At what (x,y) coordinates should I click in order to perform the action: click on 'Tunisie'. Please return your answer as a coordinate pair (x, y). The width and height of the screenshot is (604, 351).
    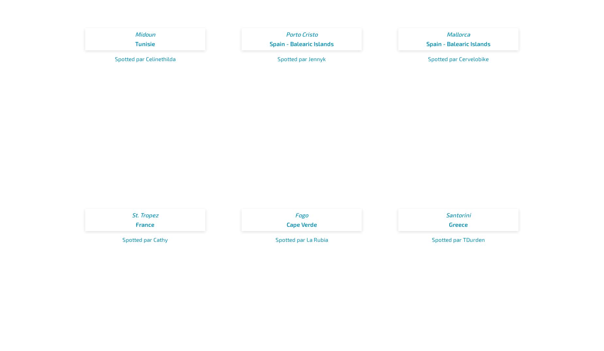
    Looking at the image, I should click on (145, 43).